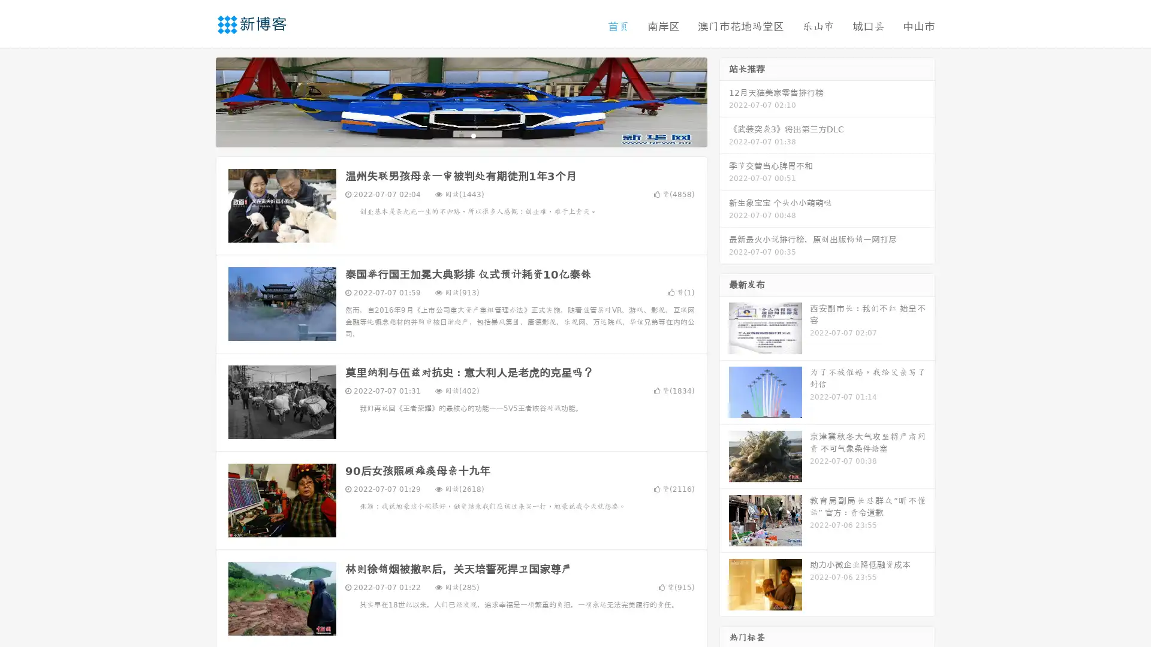 This screenshot has width=1151, height=647. Describe the element at coordinates (724, 101) in the screenshot. I see `Next slide` at that location.